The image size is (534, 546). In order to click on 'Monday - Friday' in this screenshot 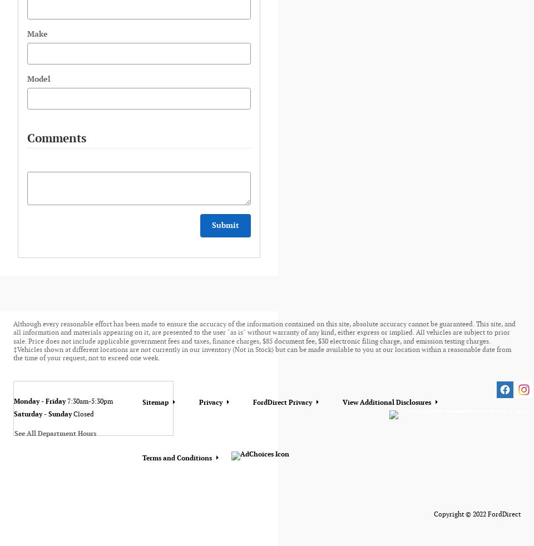, I will do `click(39, 400)`.